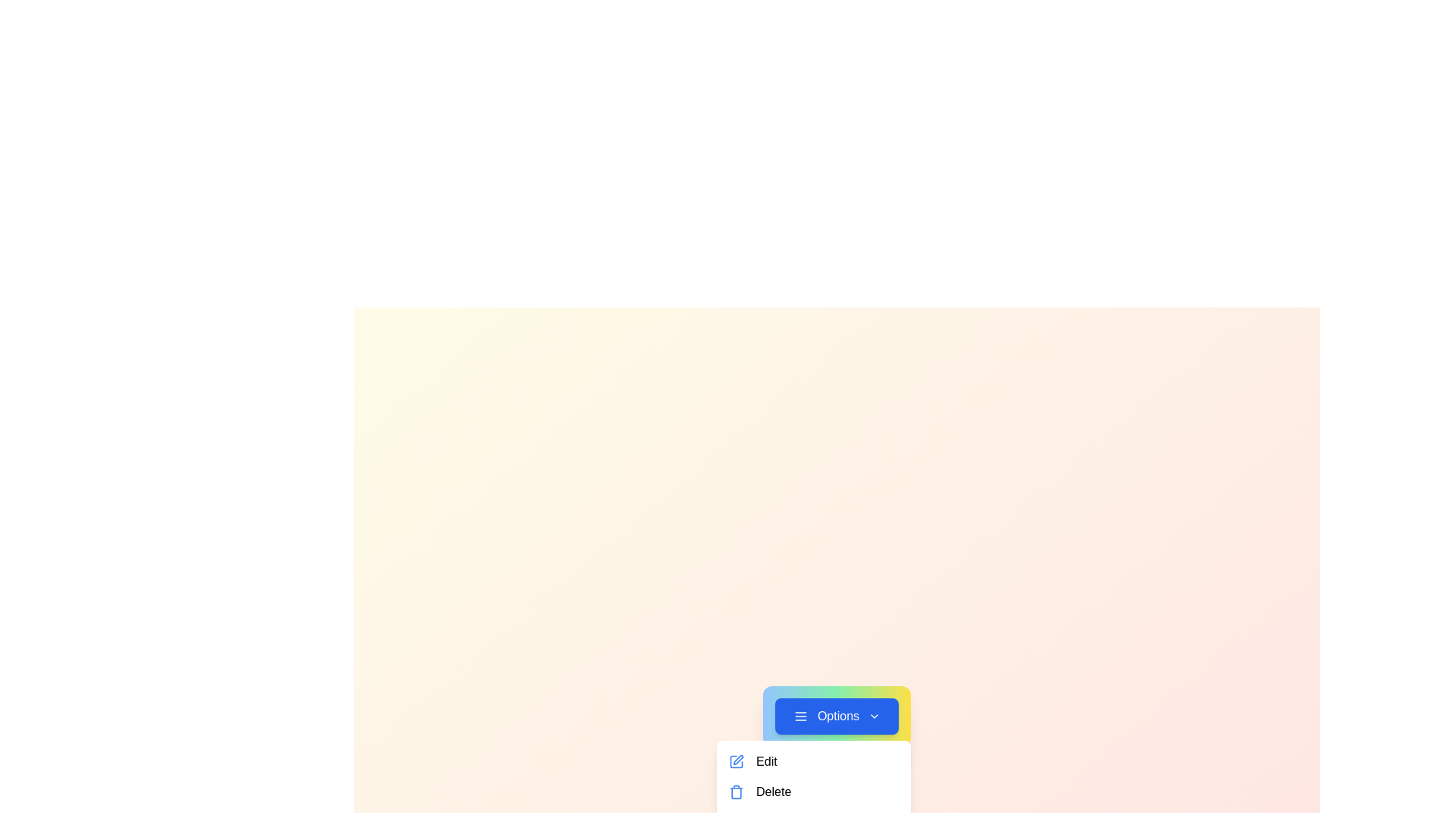  What do you see at coordinates (813, 762) in the screenshot?
I see `the menu option Edit` at bounding box center [813, 762].